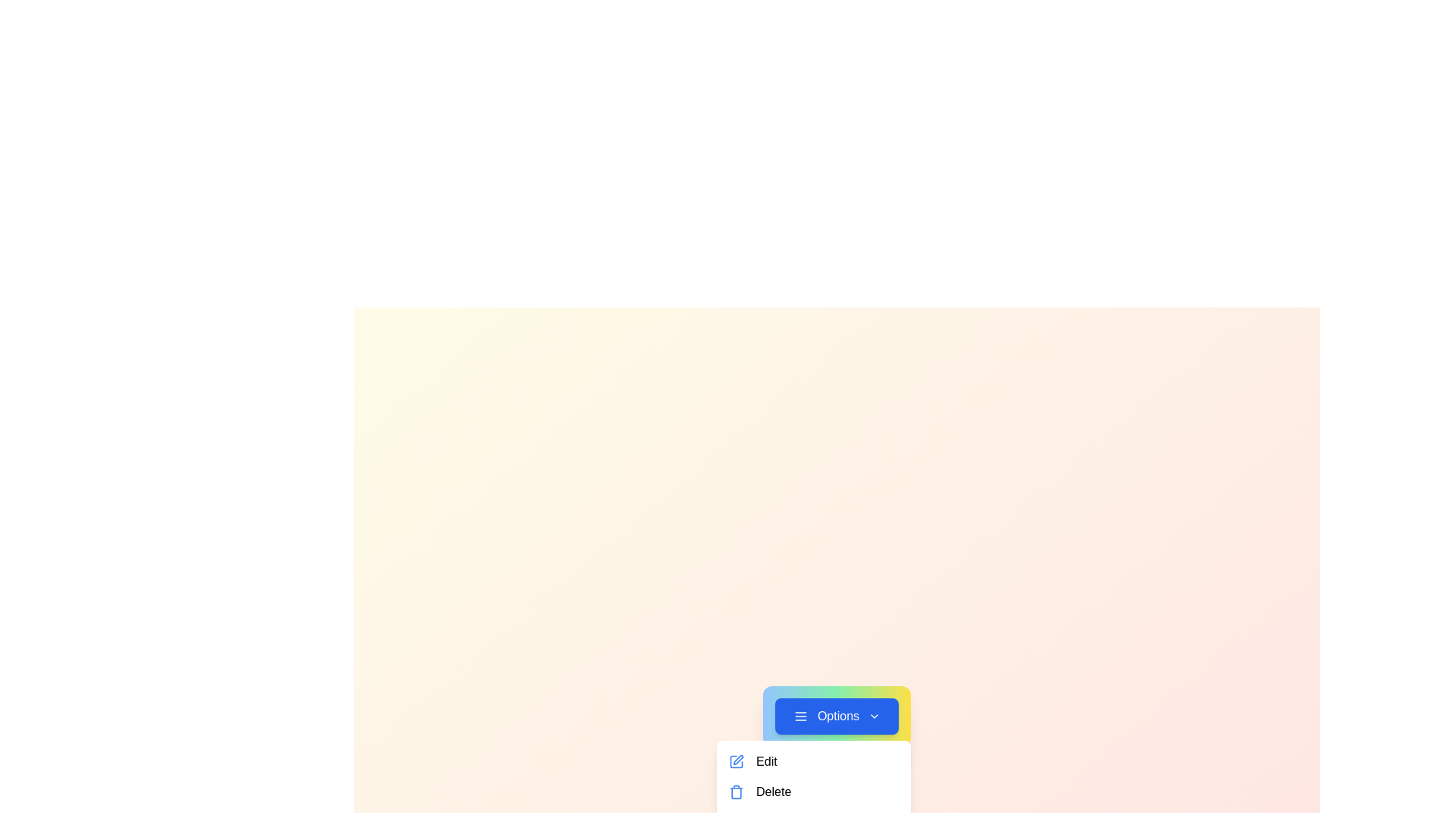  What do you see at coordinates (813, 762) in the screenshot?
I see `the menu option Edit` at bounding box center [813, 762].